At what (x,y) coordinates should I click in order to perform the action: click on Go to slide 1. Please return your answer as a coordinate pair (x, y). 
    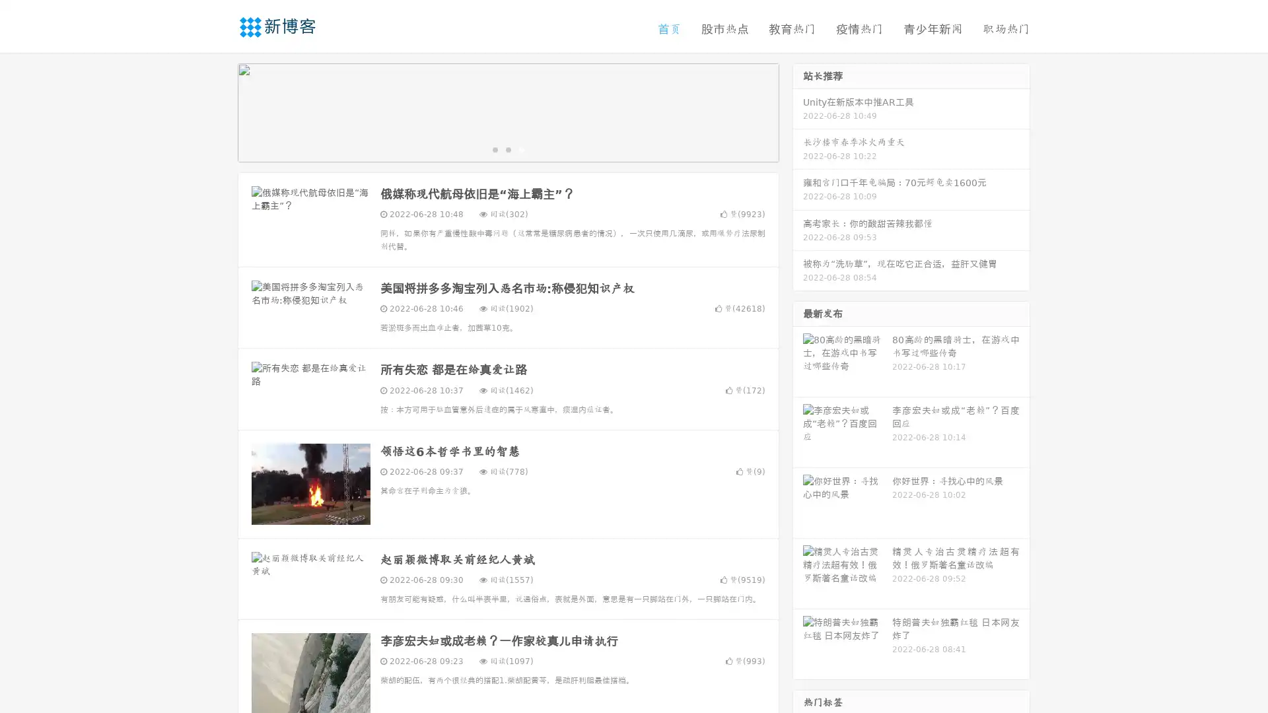
    Looking at the image, I should click on (494, 149).